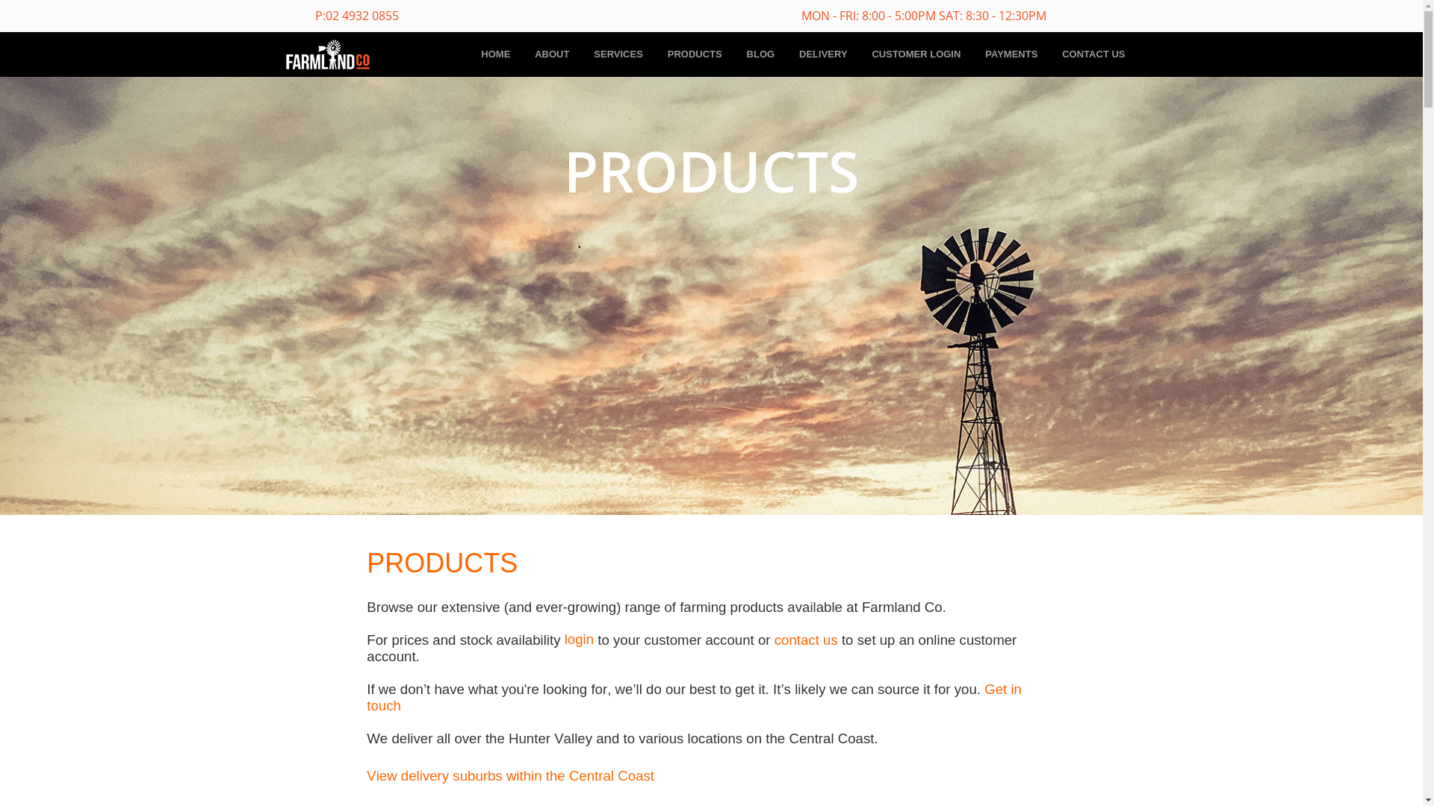  I want to click on 'CUSTOMER LOGIN', so click(915, 54).